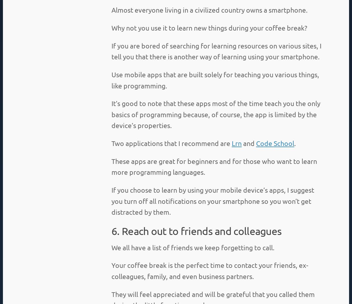 The image size is (352, 304). I want to click on 'It’s good to note that these apps most of the time teach you the only basics of programming because, of course, the app is limited by the device’s properties.', so click(216, 114).